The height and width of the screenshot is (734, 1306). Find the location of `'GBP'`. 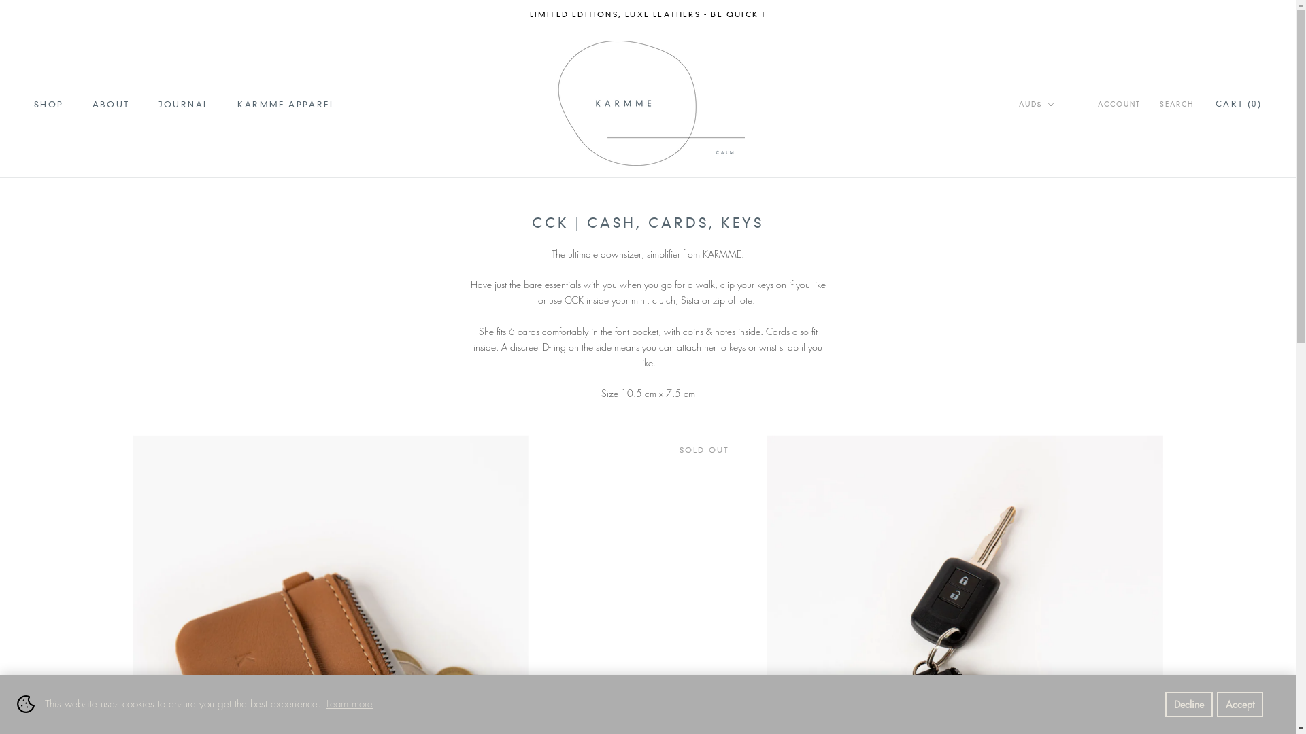

'GBP' is located at coordinates (1054, 151).